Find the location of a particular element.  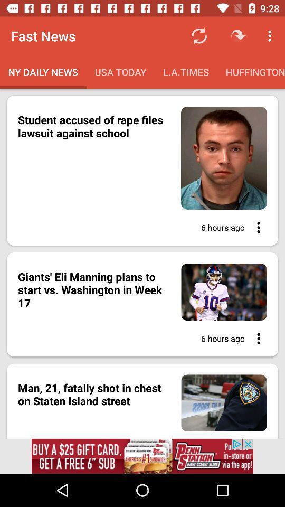

the icon below the second pic is located at coordinates (255, 338).